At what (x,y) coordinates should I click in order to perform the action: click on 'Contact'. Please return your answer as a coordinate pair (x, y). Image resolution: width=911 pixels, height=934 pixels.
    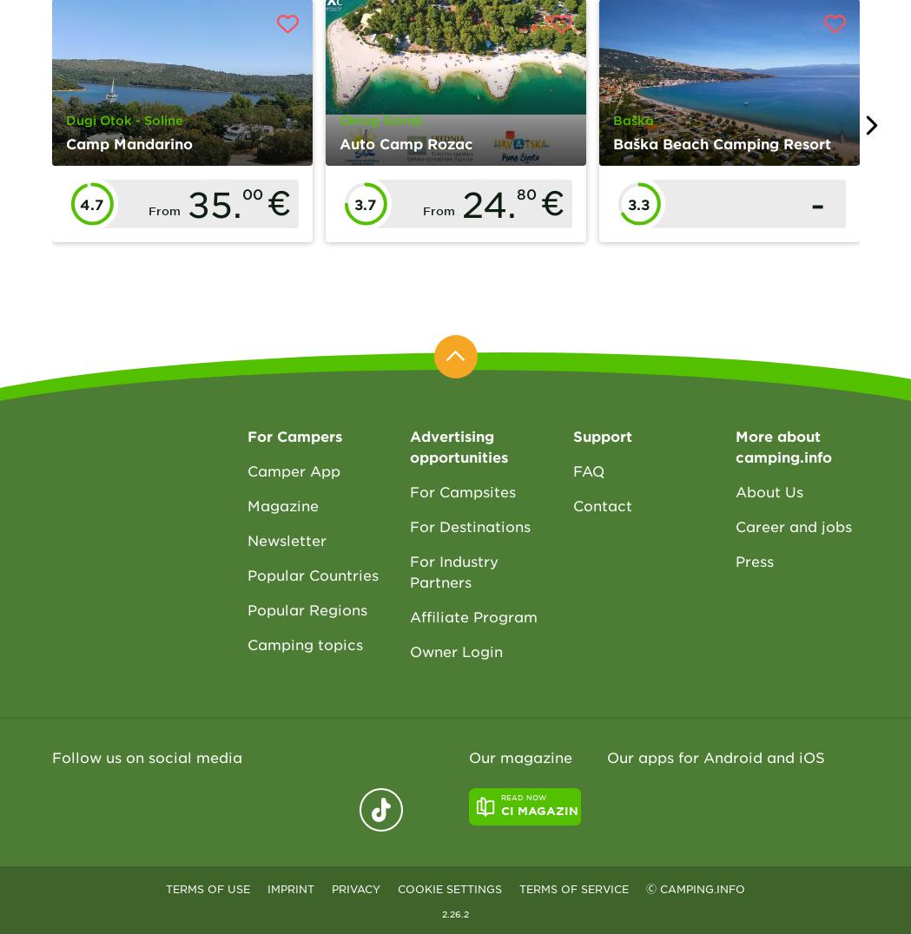
    Looking at the image, I should click on (571, 504).